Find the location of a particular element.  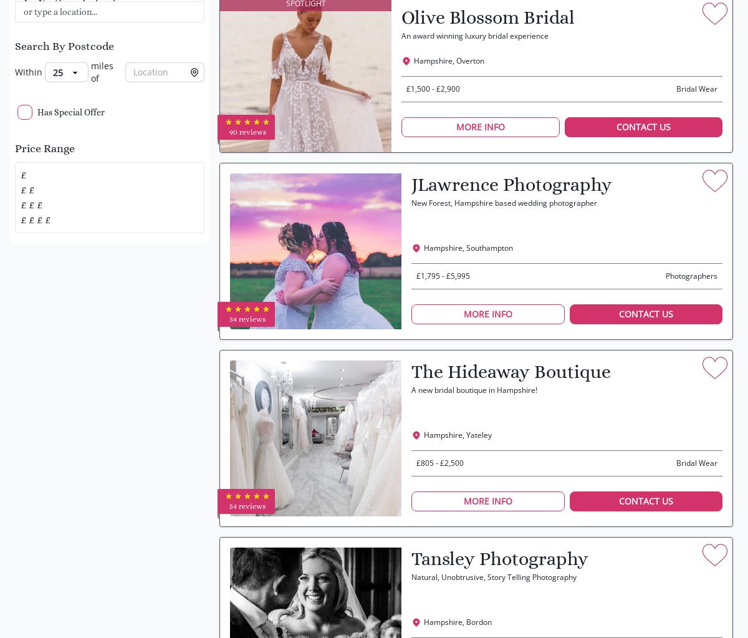

'Scotland' is located at coordinates (58, 22).